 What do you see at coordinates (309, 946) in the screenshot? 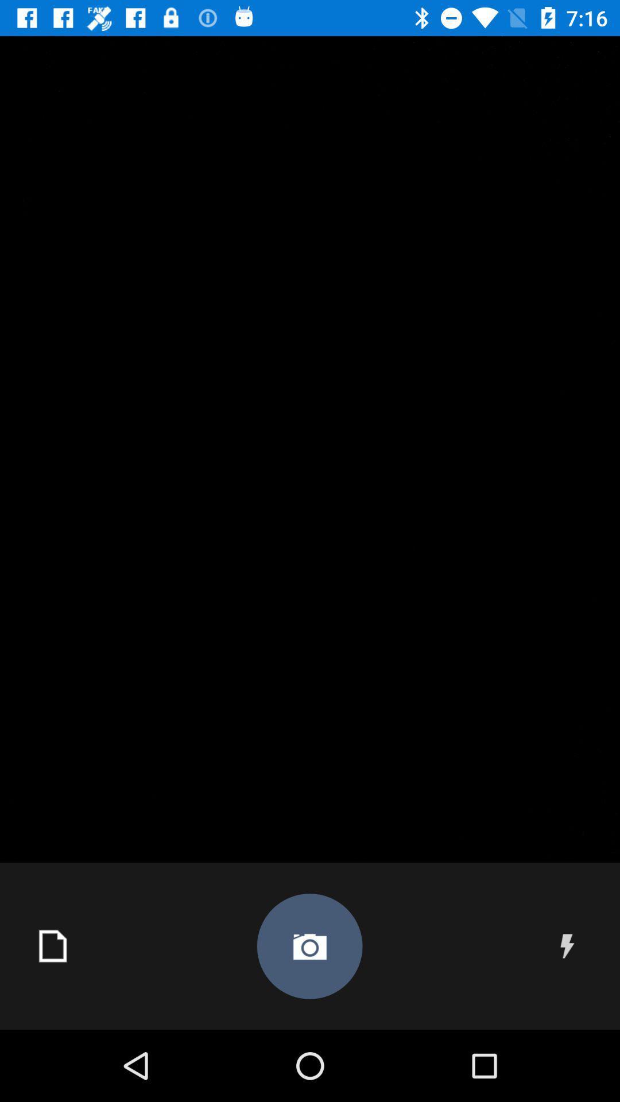
I see `the photo icon` at bounding box center [309, 946].